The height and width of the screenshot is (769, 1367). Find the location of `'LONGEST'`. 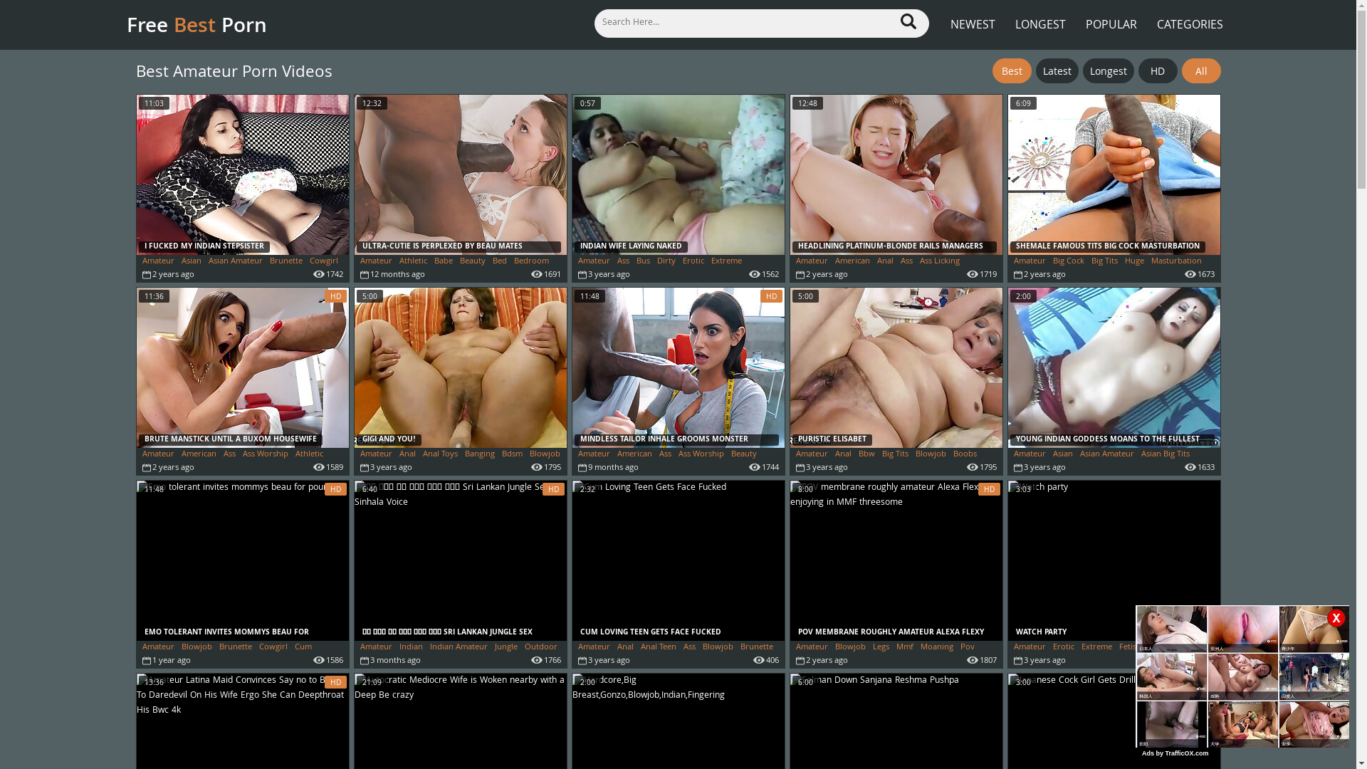

'LONGEST' is located at coordinates (1040, 16).